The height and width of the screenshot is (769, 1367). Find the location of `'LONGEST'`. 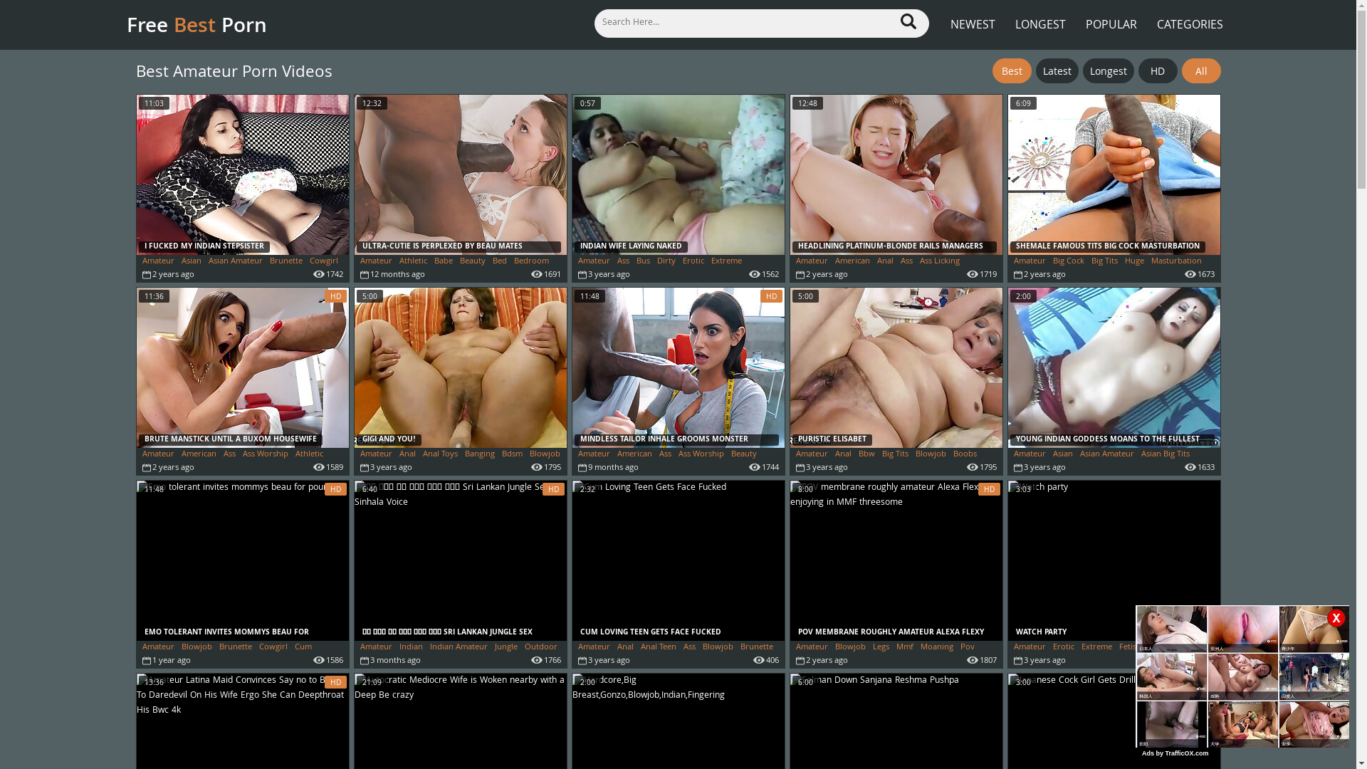

'LONGEST' is located at coordinates (1040, 16).